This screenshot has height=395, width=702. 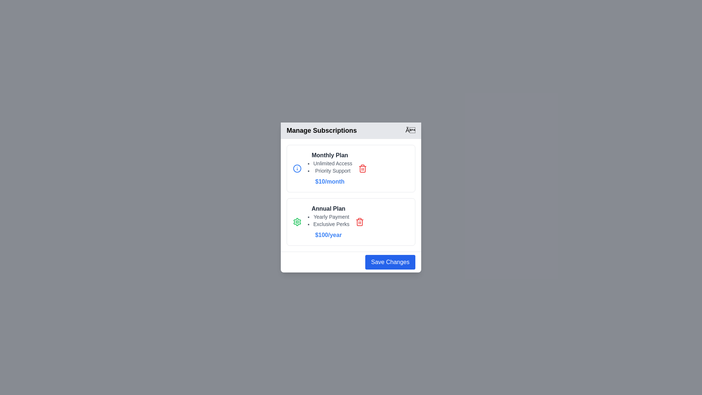 What do you see at coordinates (297, 221) in the screenshot?
I see `the information icon for the subscription plan Annual Plan` at bounding box center [297, 221].